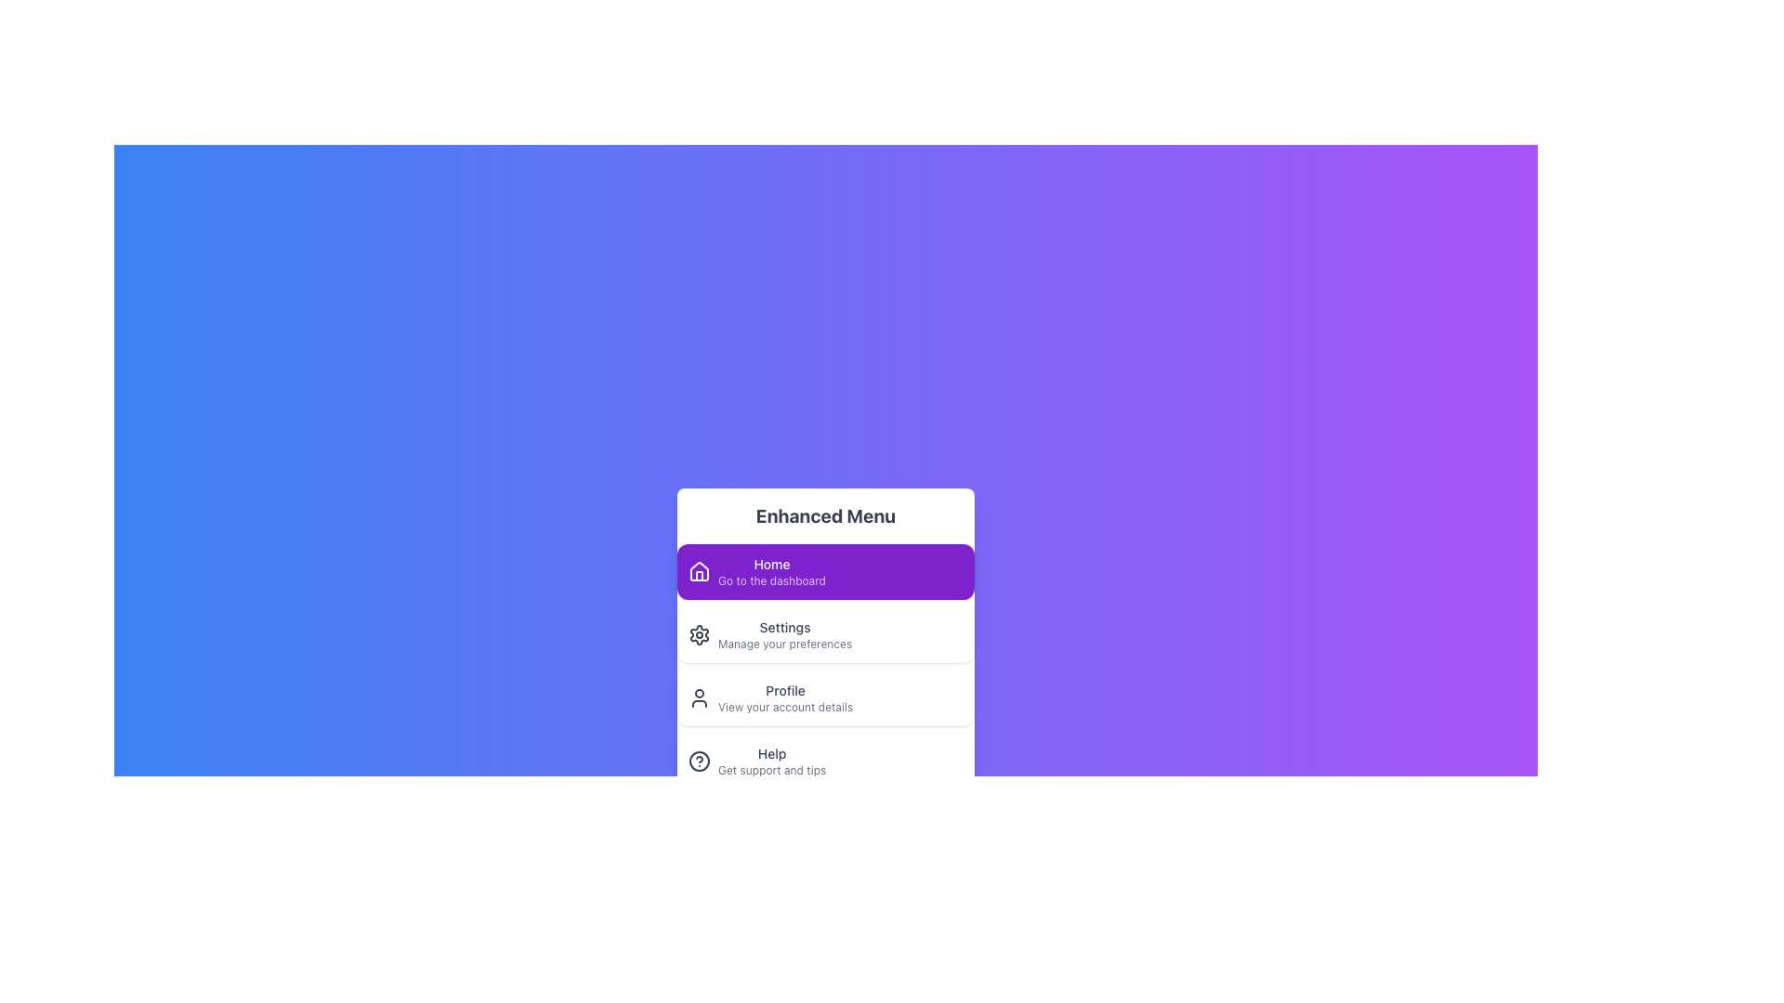 This screenshot has height=1003, width=1784. What do you see at coordinates (771, 580) in the screenshot?
I see `the descriptive text label that provides additional information about the 'Home' menu option, located below the 'Home' option in the menu list` at bounding box center [771, 580].